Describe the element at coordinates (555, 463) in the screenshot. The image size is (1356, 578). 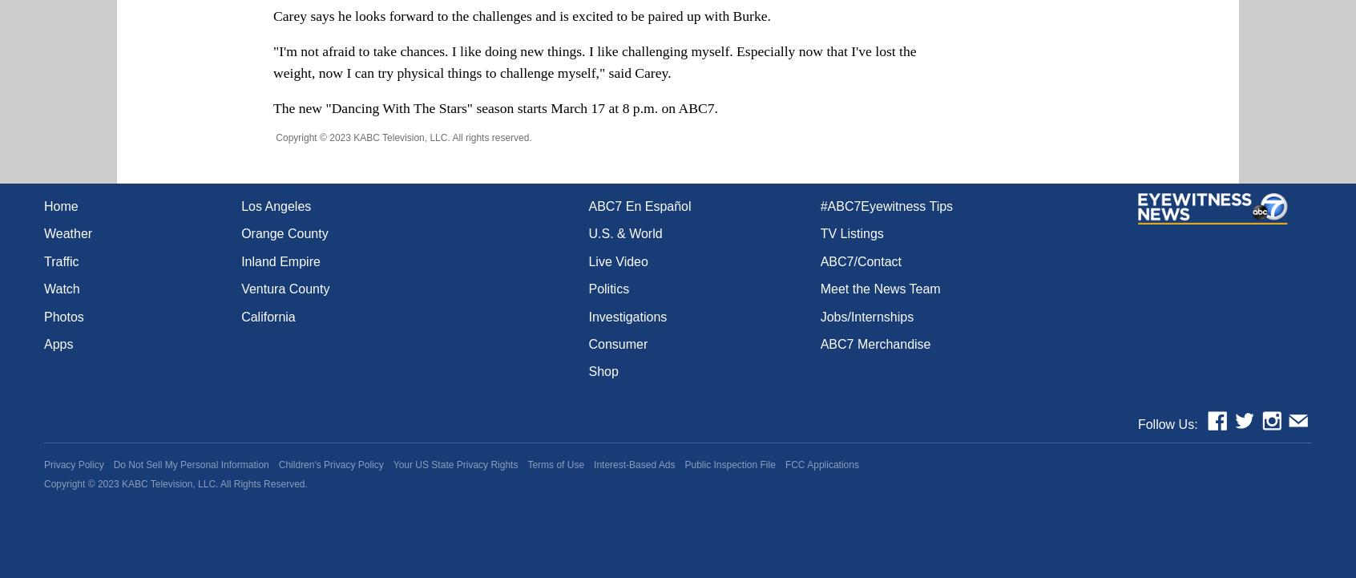
I see `'Terms of Use'` at that location.